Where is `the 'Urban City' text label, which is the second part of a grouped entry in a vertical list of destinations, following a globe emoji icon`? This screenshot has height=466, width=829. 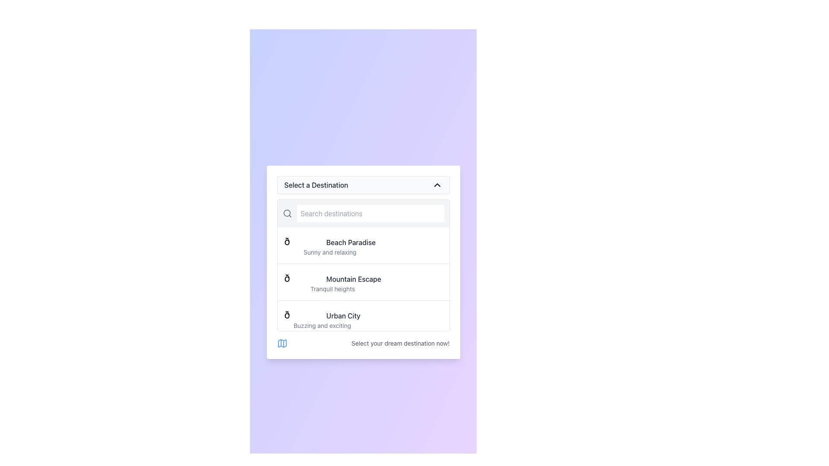
the 'Urban City' text label, which is the second part of a grouped entry in a vertical list of destinations, following a globe emoji icon is located at coordinates (343, 316).